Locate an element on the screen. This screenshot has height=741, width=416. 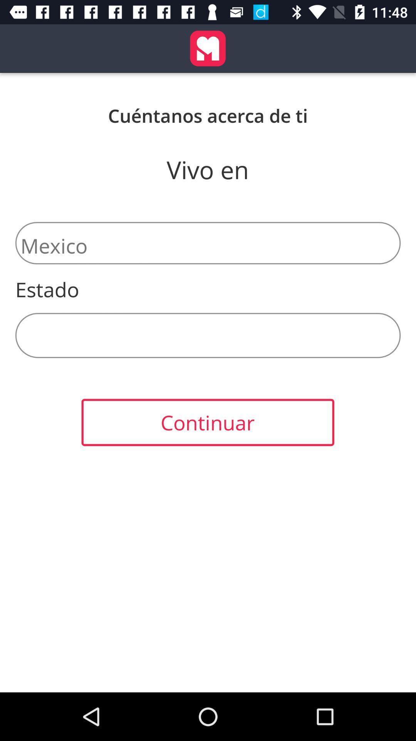
the continuar icon is located at coordinates (207, 422).